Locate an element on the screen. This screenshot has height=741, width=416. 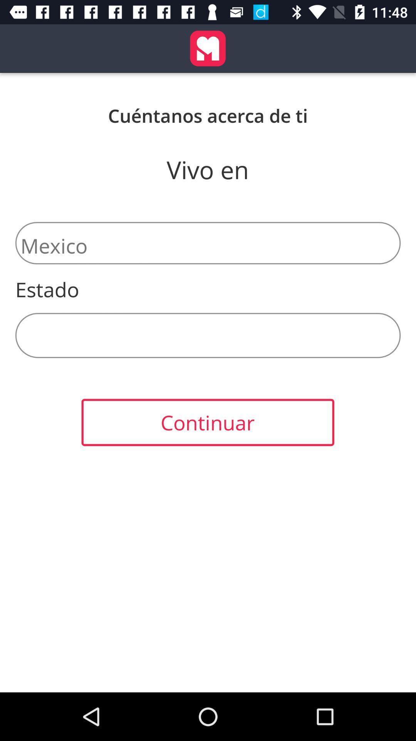
the continuar icon is located at coordinates (207, 422).